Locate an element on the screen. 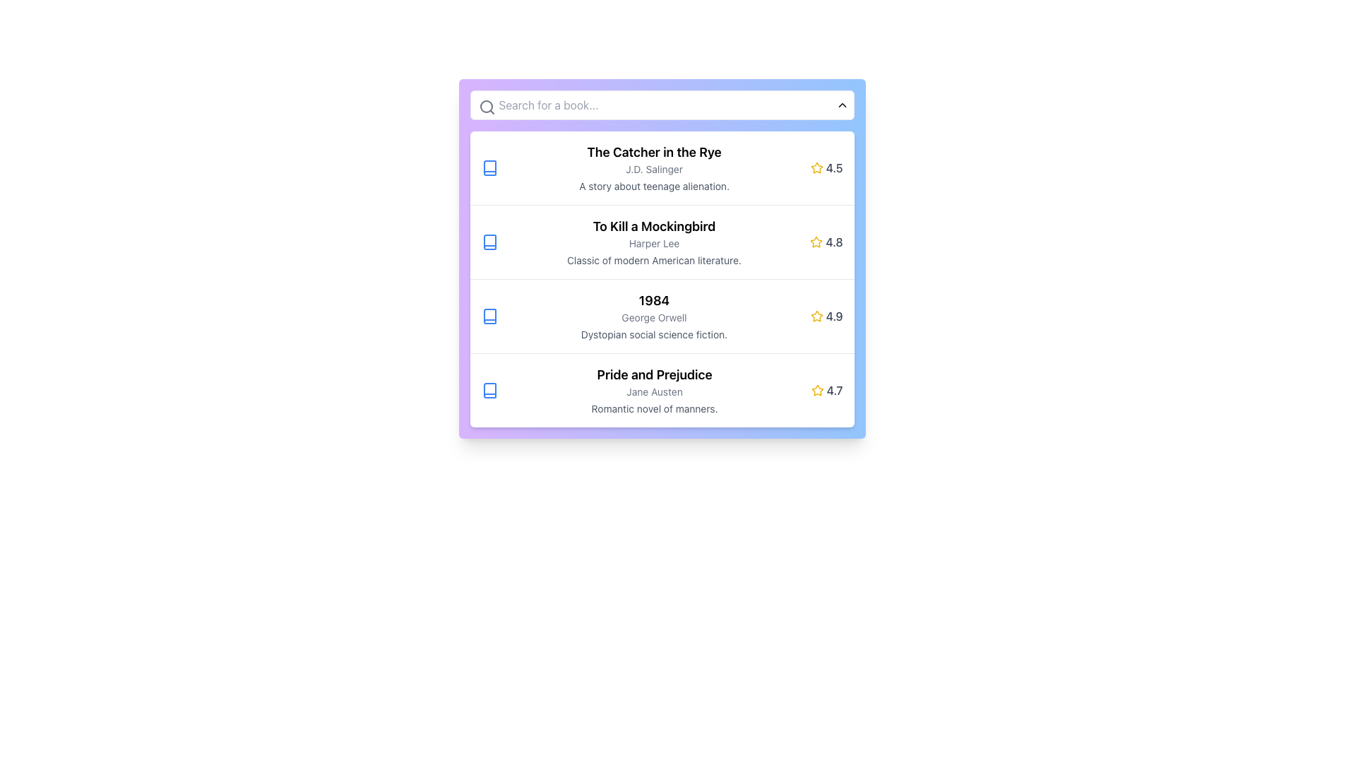 The height and width of the screenshot is (763, 1356). the fourth star icon representing the rating feature for 'Pride and Prejudice' by Jane Austen in the book list interface is located at coordinates (817, 390).